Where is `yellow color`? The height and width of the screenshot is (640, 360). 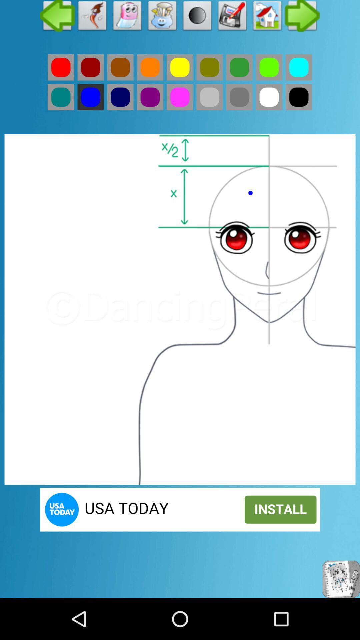 yellow color is located at coordinates (179, 67).